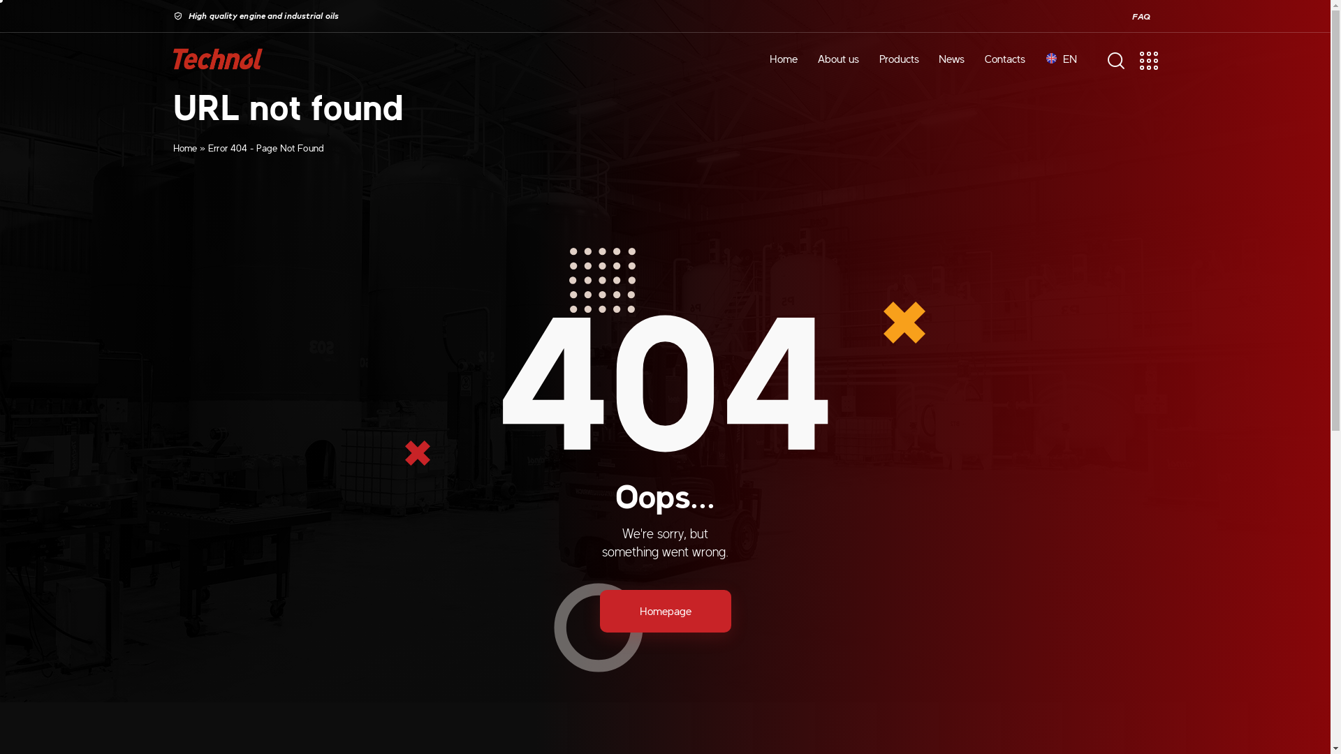 The height and width of the screenshot is (754, 1341). Describe the element at coordinates (838, 58) in the screenshot. I see `'About us'` at that location.